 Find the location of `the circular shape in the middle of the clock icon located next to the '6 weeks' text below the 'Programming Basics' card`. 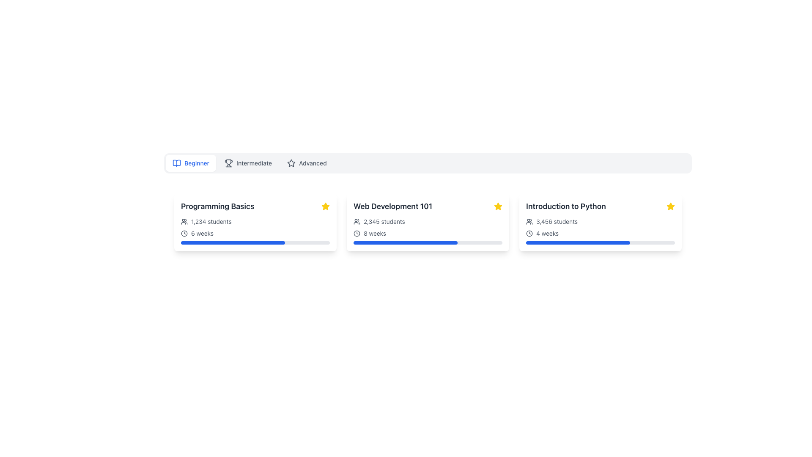

the circular shape in the middle of the clock icon located next to the '6 weeks' text below the 'Programming Basics' card is located at coordinates (184, 233).